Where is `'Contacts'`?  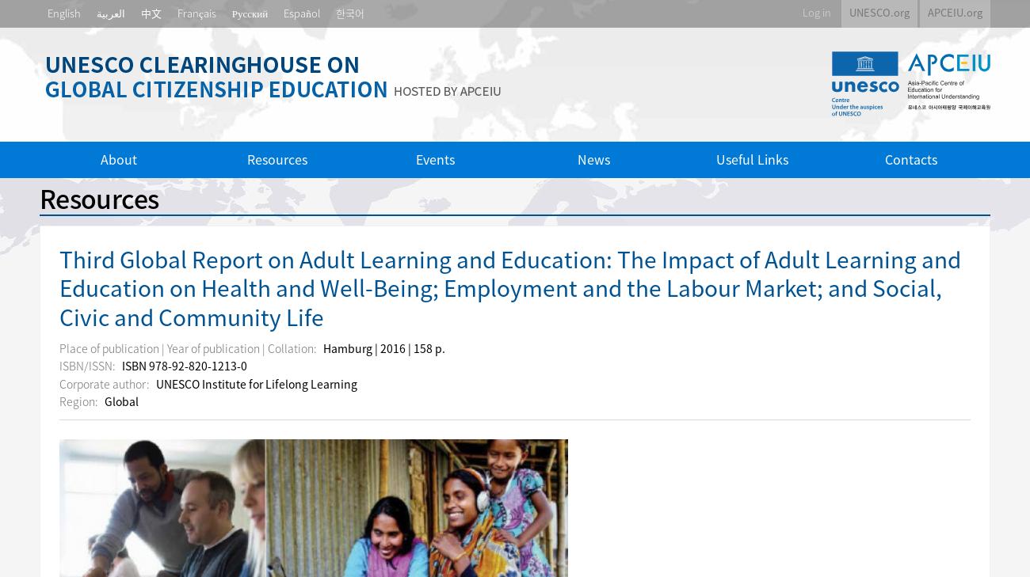 'Contacts' is located at coordinates (883, 158).